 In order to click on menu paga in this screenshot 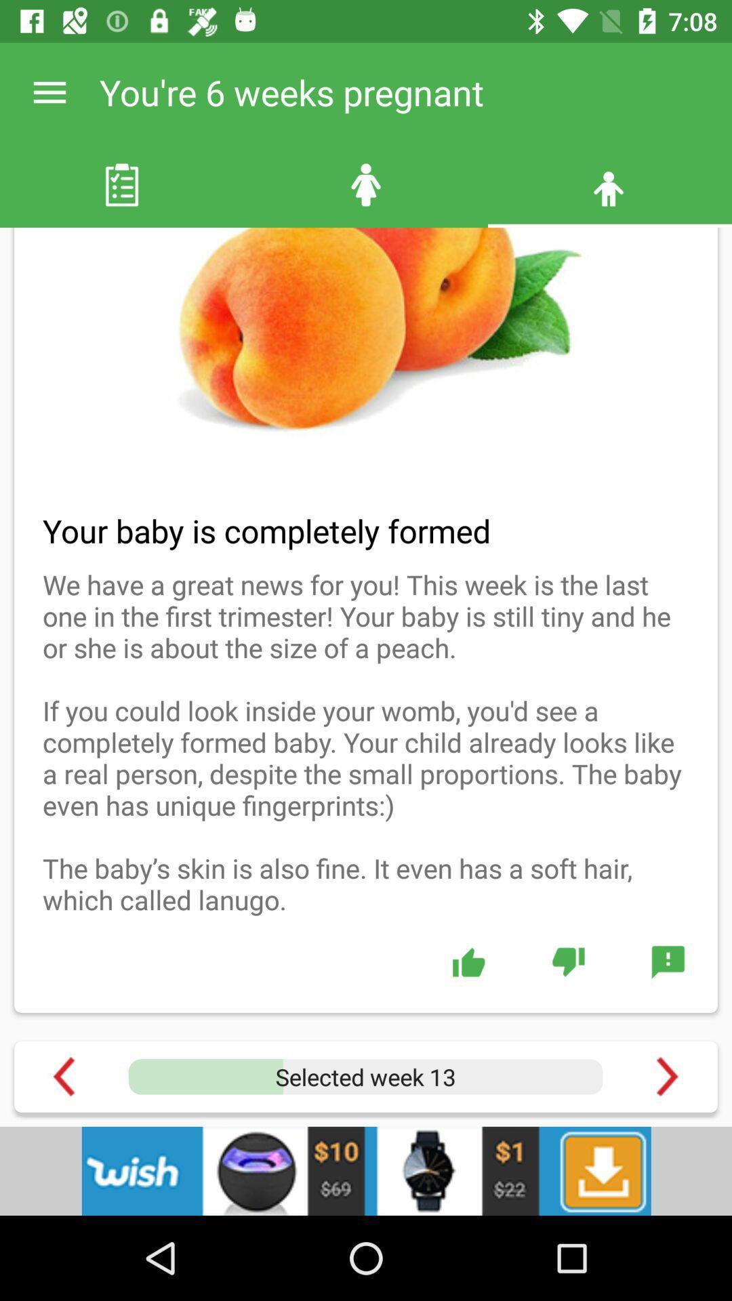, I will do `click(666, 1076)`.